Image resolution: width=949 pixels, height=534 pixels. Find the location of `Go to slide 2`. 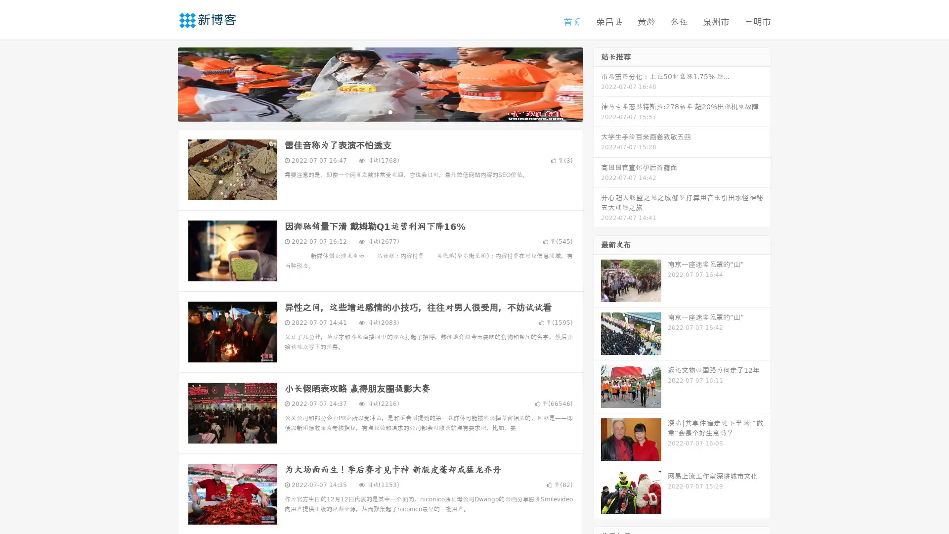

Go to slide 2 is located at coordinates (380, 111).